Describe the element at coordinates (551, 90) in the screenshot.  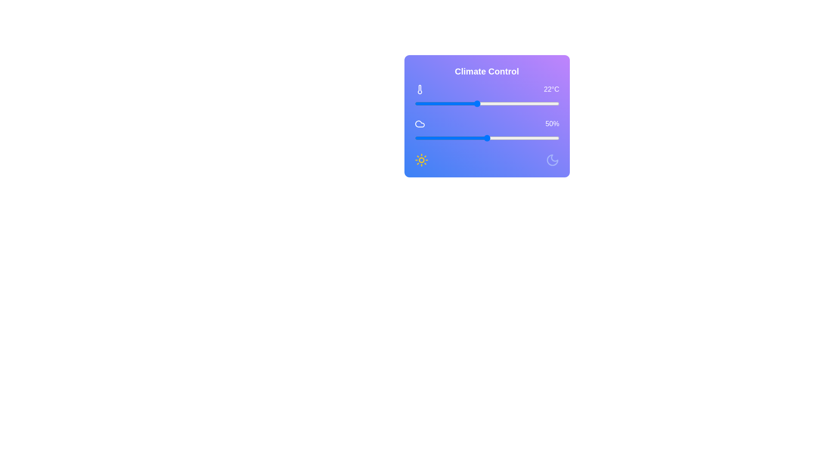
I see `the static text label displaying the current temperature value, positioned to the far right side adjacent to a thermometer icon` at that location.